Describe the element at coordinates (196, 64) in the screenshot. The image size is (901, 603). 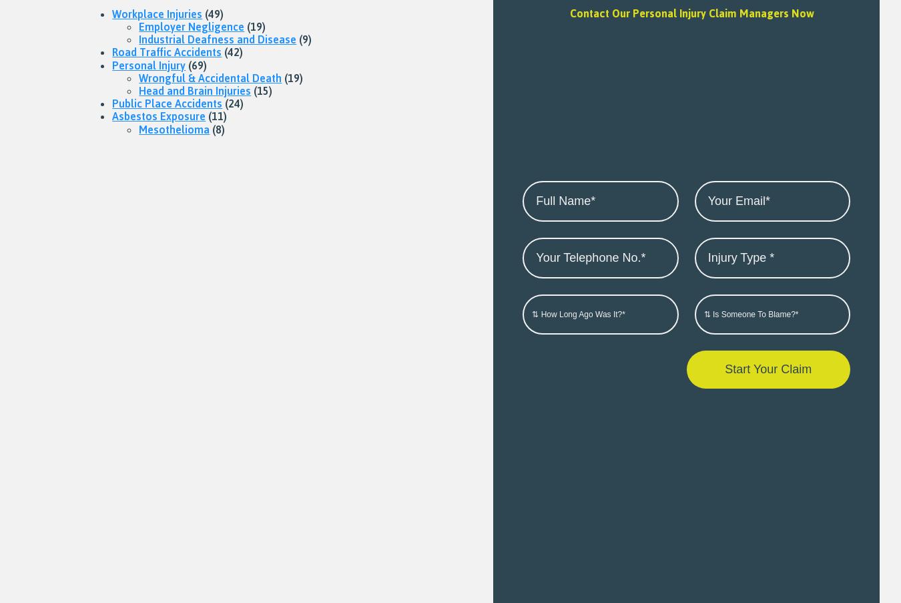
I see `'(69)'` at that location.